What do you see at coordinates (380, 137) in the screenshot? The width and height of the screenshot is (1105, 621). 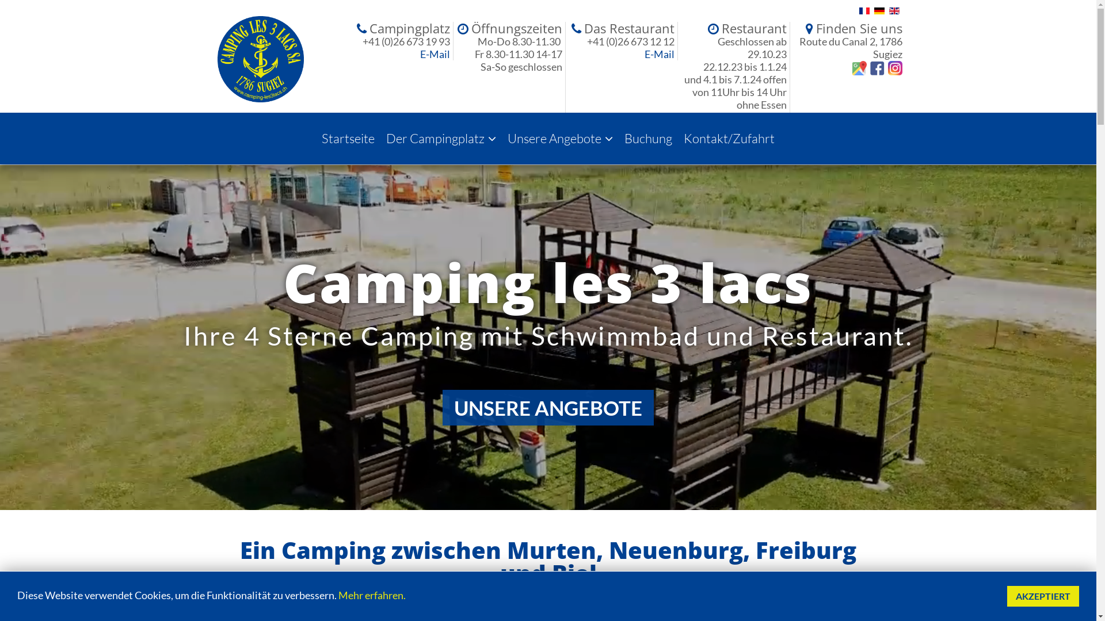 I see `'Der Campingplatz'` at bounding box center [380, 137].